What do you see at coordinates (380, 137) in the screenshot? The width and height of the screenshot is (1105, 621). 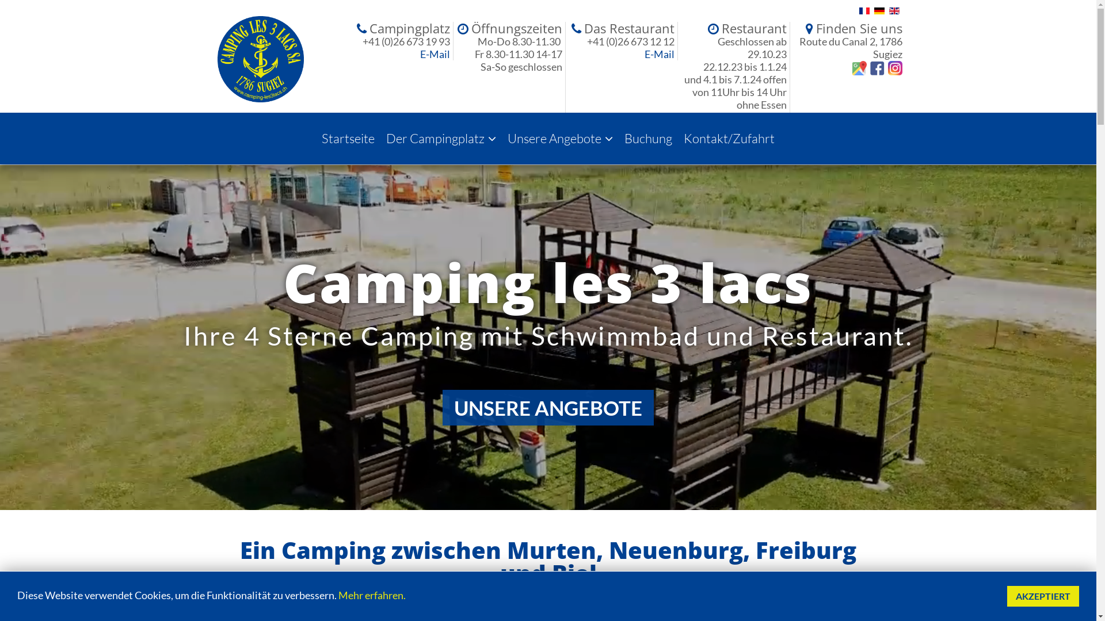 I see `'Der Campingplatz'` at bounding box center [380, 137].